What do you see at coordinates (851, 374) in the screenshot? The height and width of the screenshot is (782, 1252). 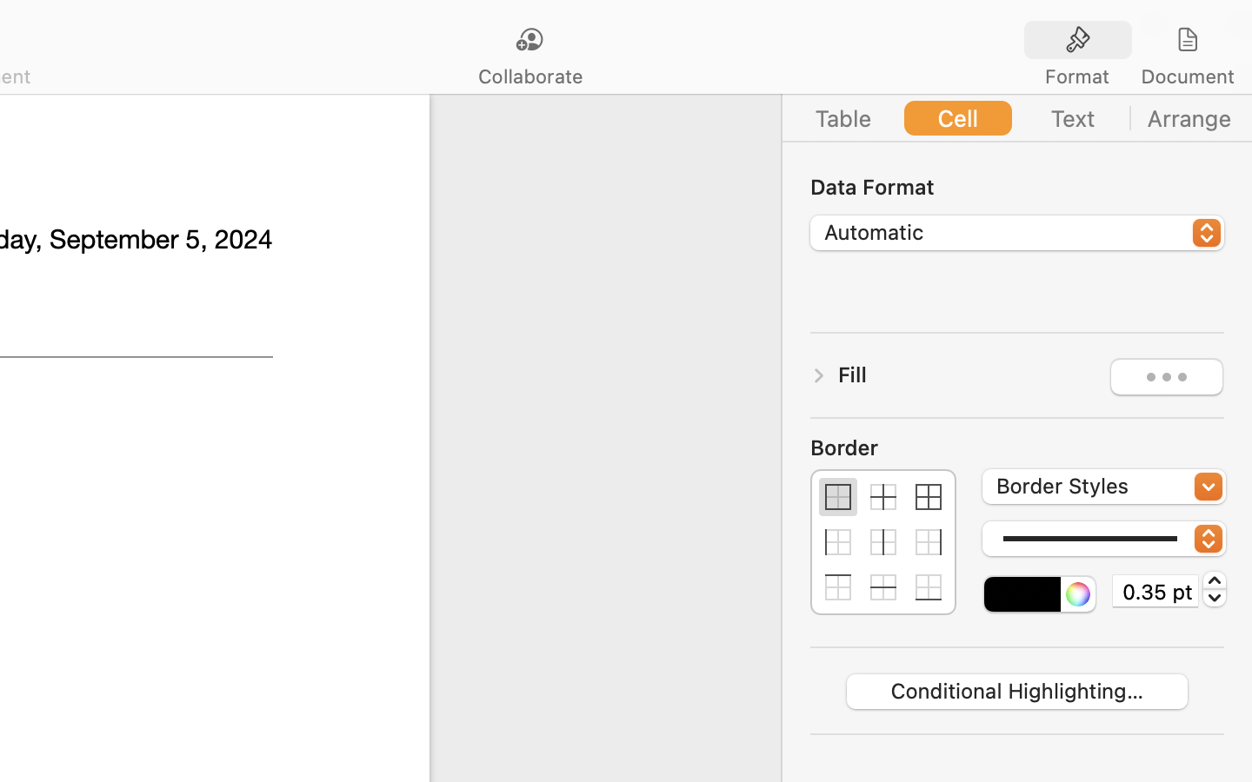 I see `'Fill'` at bounding box center [851, 374].